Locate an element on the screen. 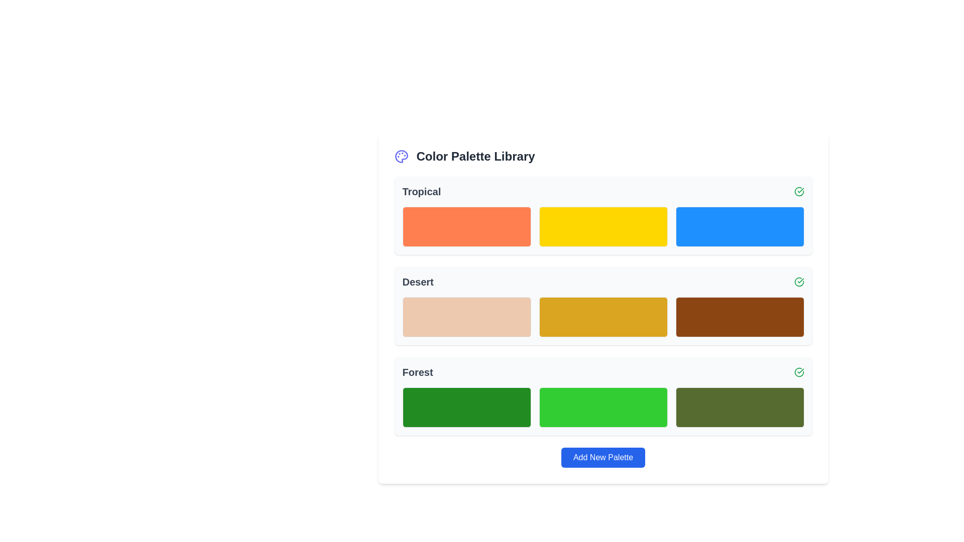 The width and height of the screenshot is (964, 542). the button that allows users is located at coordinates (602, 457).